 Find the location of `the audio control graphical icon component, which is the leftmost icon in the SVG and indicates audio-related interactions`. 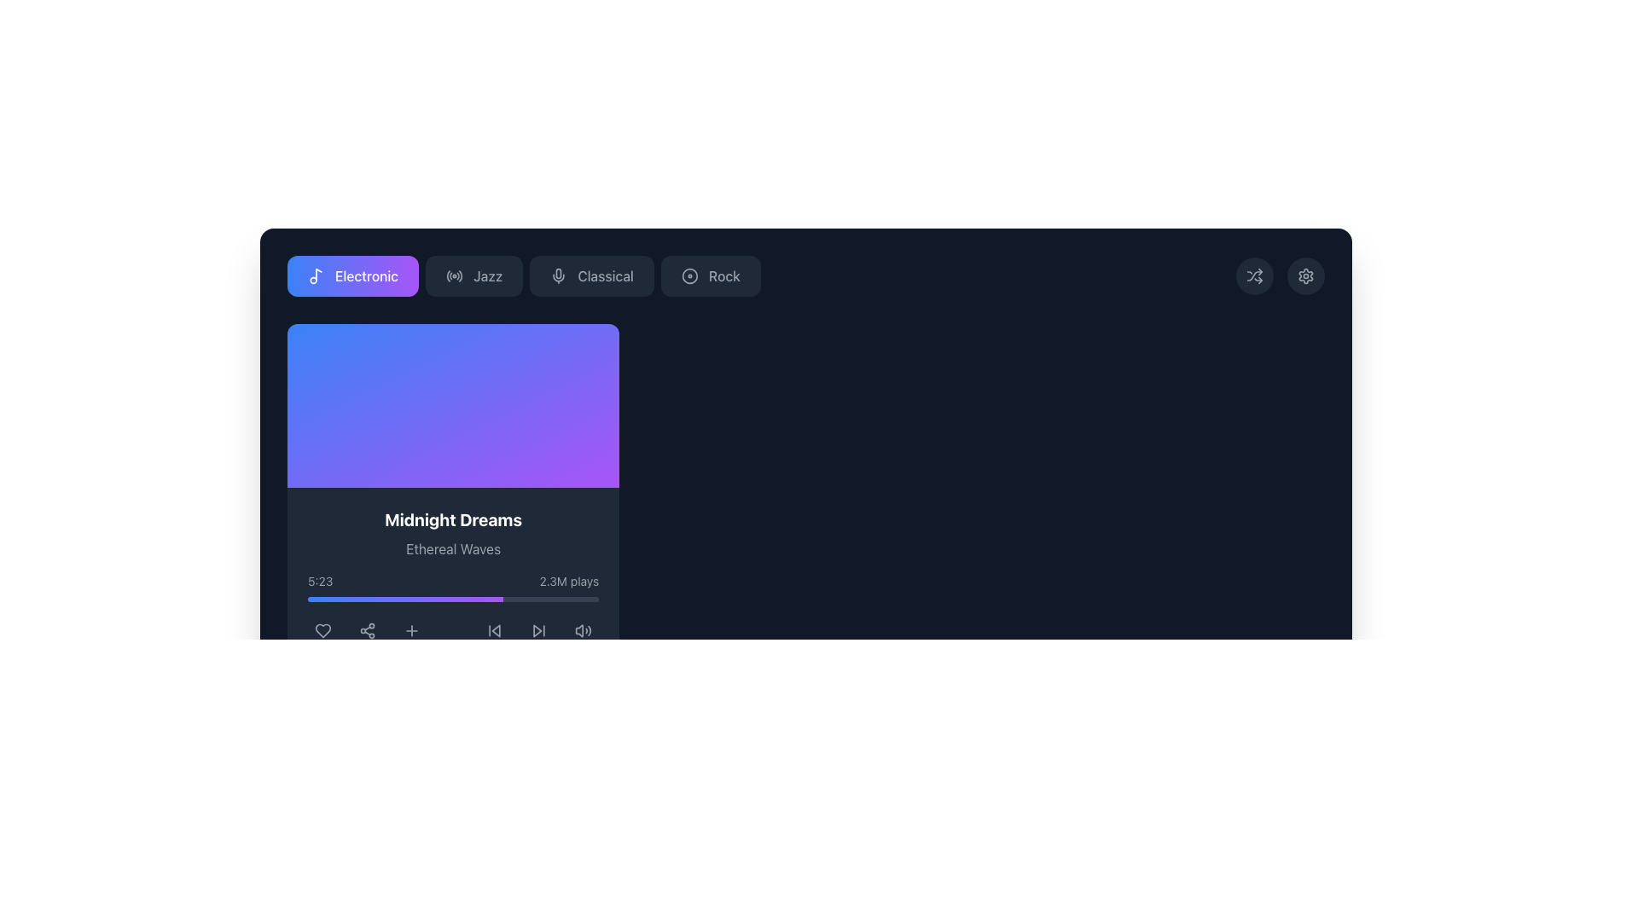

the audio control graphical icon component, which is the leftmost icon in the SVG and indicates audio-related interactions is located at coordinates (579, 631).